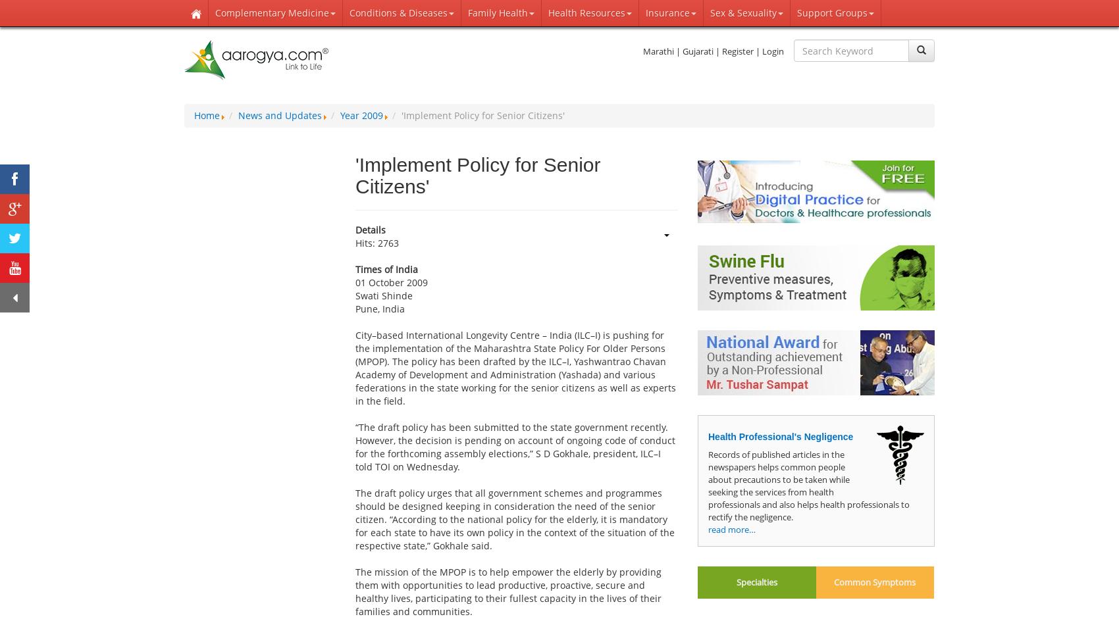 This screenshot has height=623, width=1119. What do you see at coordinates (514, 367) in the screenshot?
I see `'City–based International Longevity Centre – India (ILC–I) is pushing for the implementation of the Maharashtra State Policy For Older Persons (MPOP). The policy has been drafted by the ILC–I, Yashwantrao Chavan Academy of Development and Administration (Yashada) and various federations in the state working for the senior citizens as well as experts in the field.'` at bounding box center [514, 367].